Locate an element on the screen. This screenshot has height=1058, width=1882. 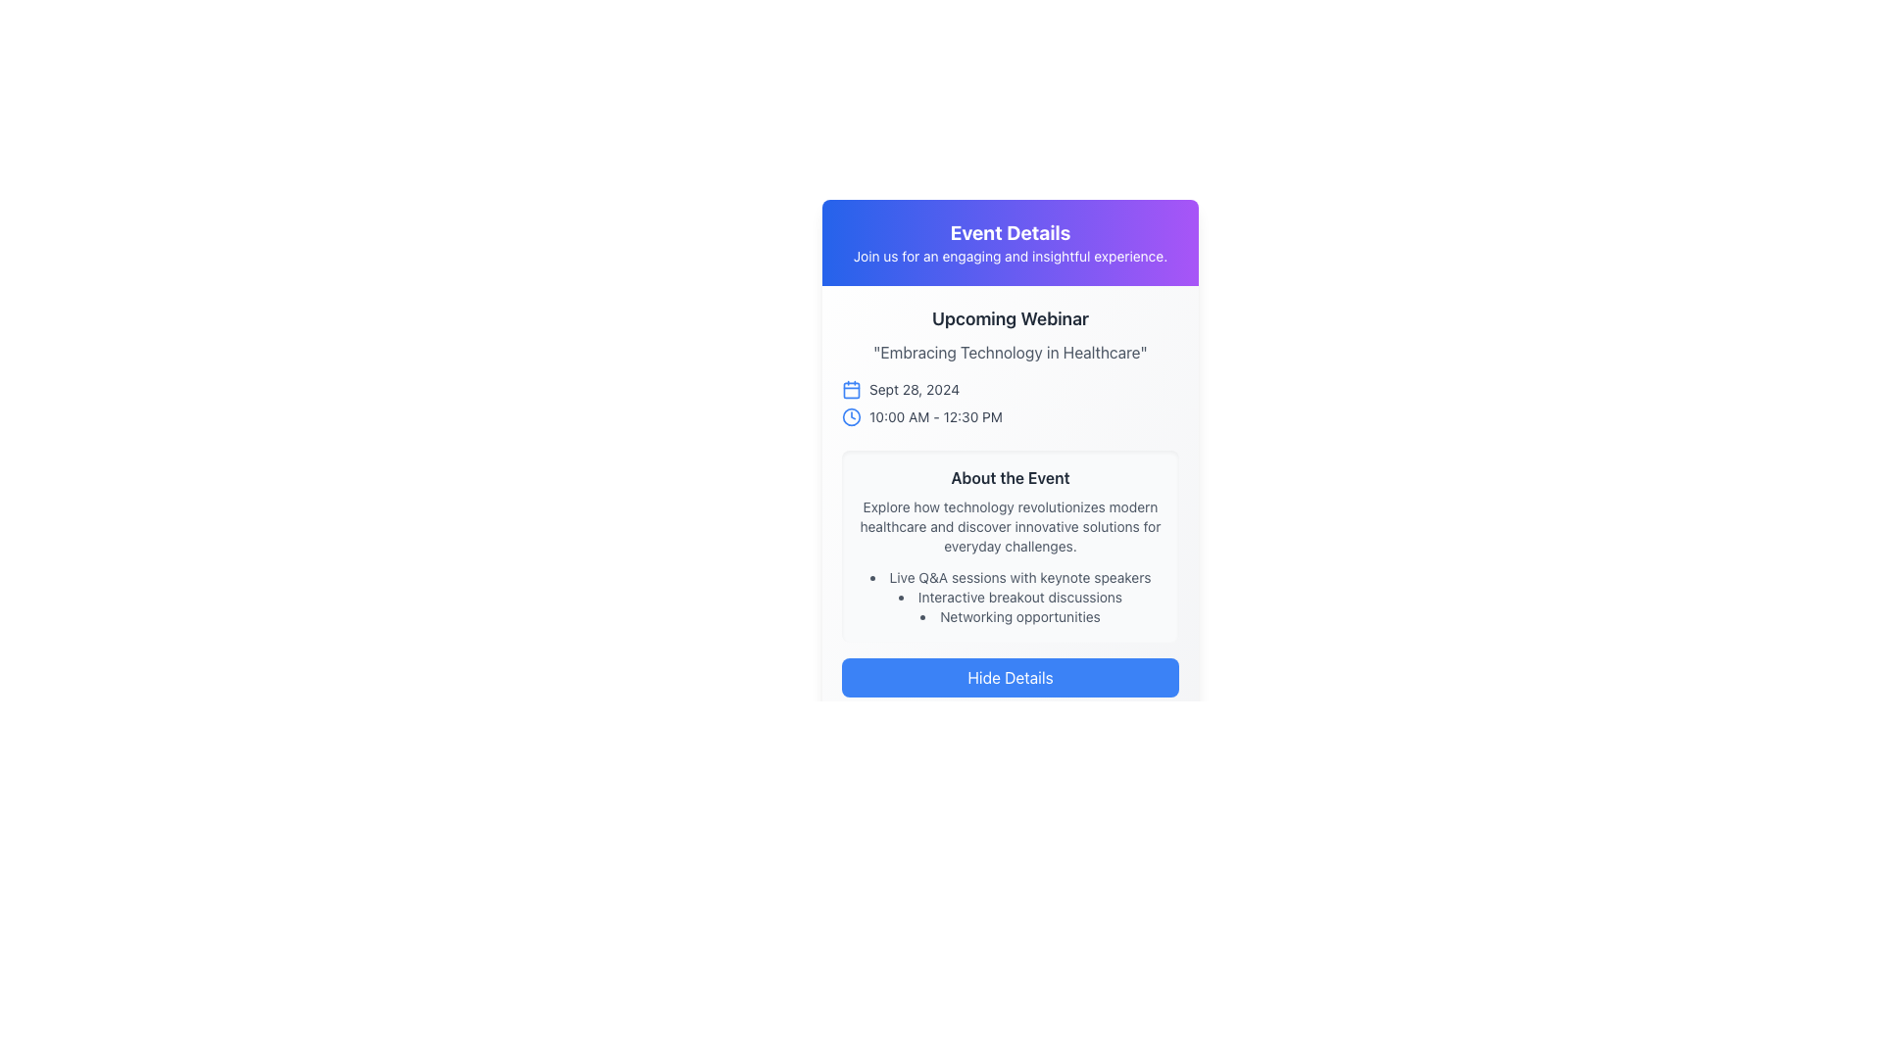
the 'Networking opportunities' bullet point in the list under the 'About the Event' section, which is styled in gray sans-serif font with a black circular bullet point is located at coordinates (1011, 615).